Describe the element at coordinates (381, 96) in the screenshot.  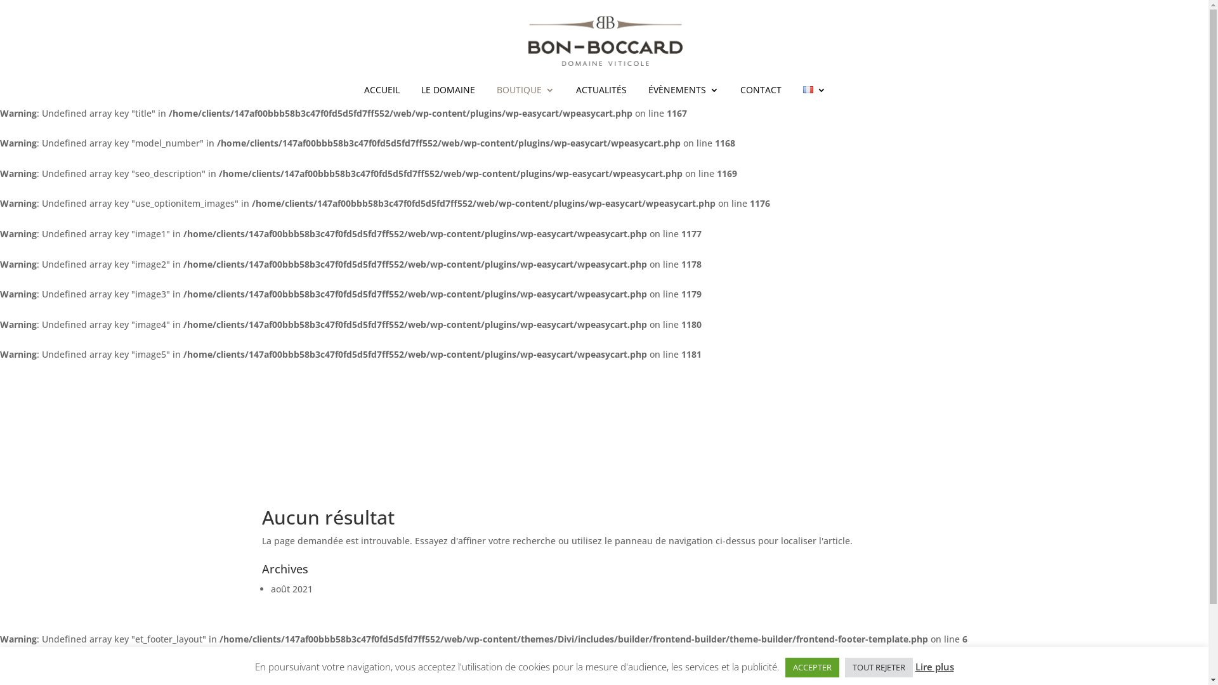
I see `'ACCUEIL'` at that location.